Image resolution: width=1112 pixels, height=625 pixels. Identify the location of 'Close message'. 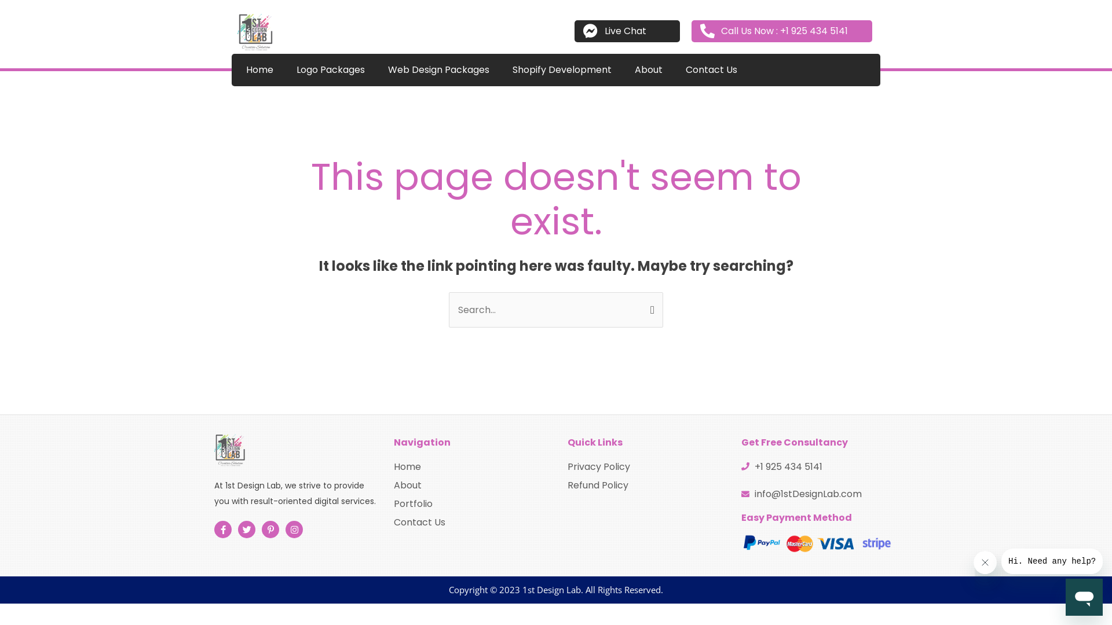
(984, 562).